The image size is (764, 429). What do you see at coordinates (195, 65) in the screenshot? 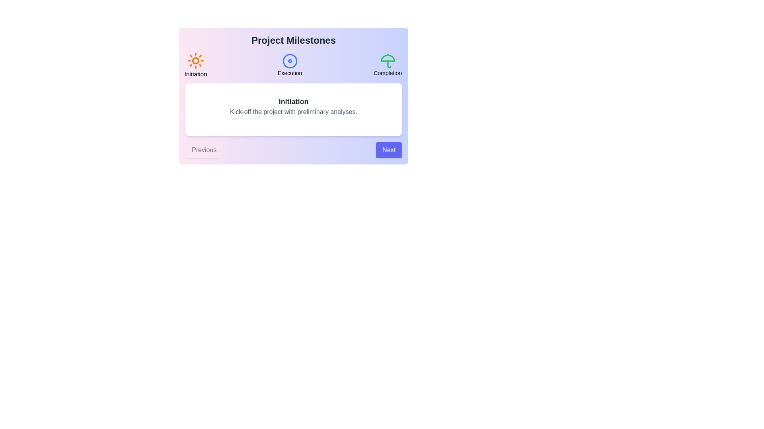
I see `the milestone Initiation to select it` at bounding box center [195, 65].